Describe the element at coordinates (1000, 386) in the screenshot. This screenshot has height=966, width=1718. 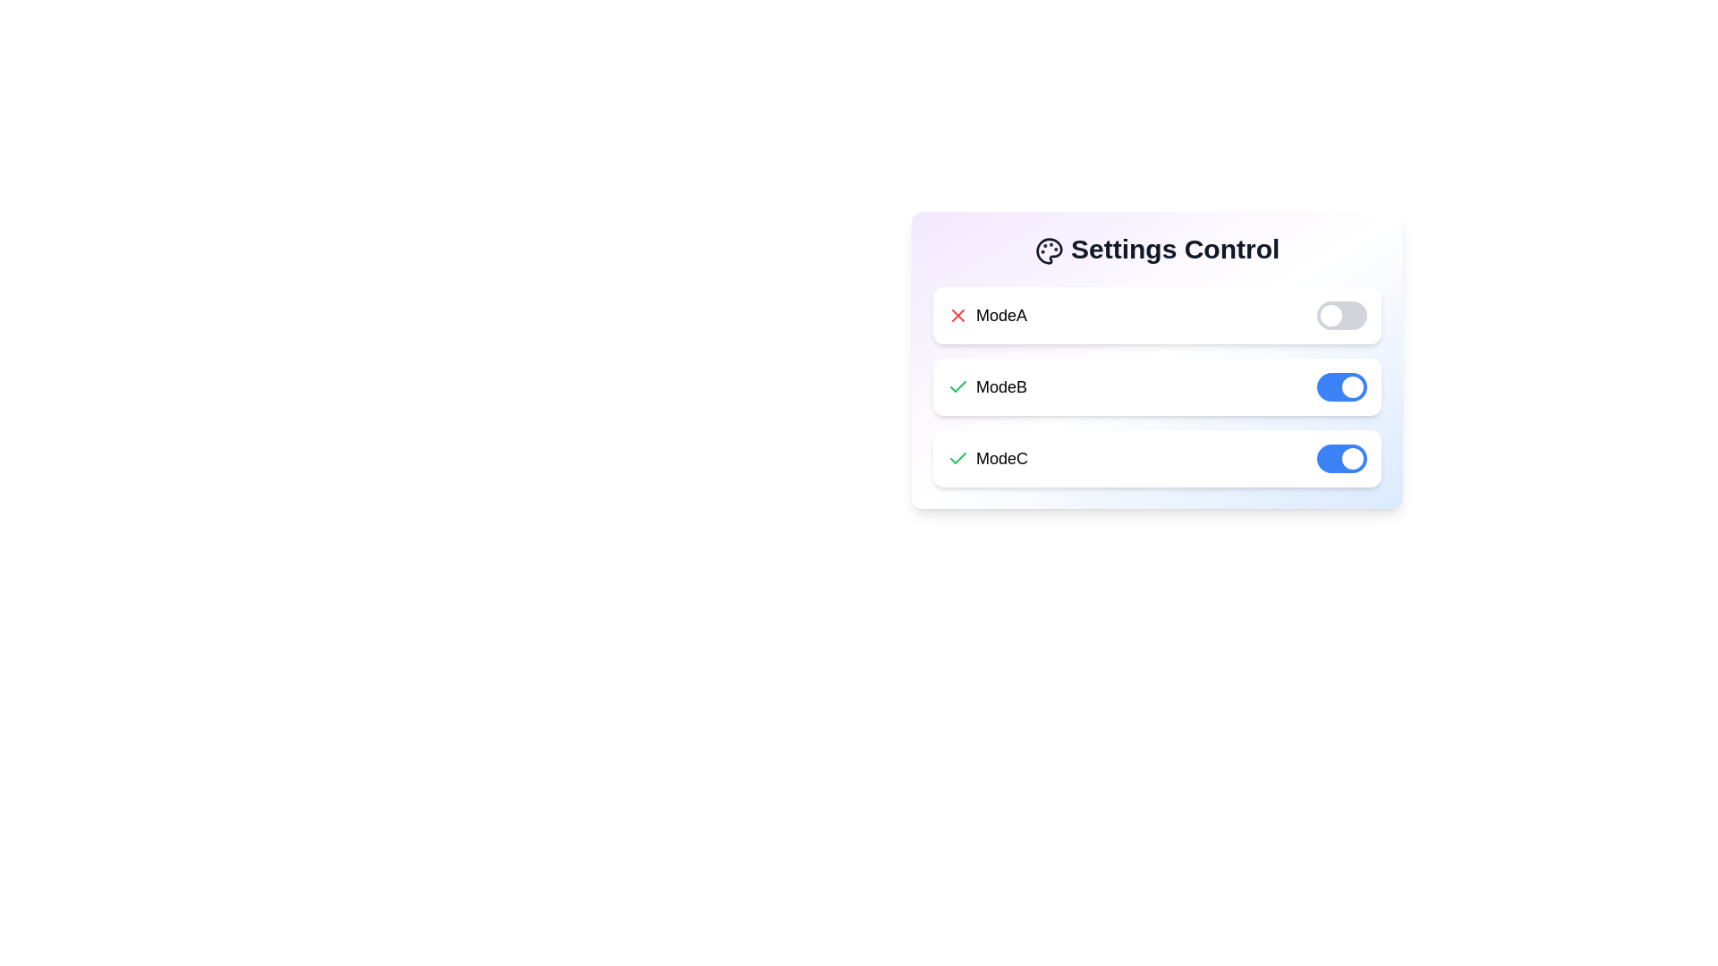
I see `the label indicating the name or state of a toggleable configuration, which is located in the second row of a structured list with a green checkmark icon to its left and a blue toggle switch to its right` at that location.